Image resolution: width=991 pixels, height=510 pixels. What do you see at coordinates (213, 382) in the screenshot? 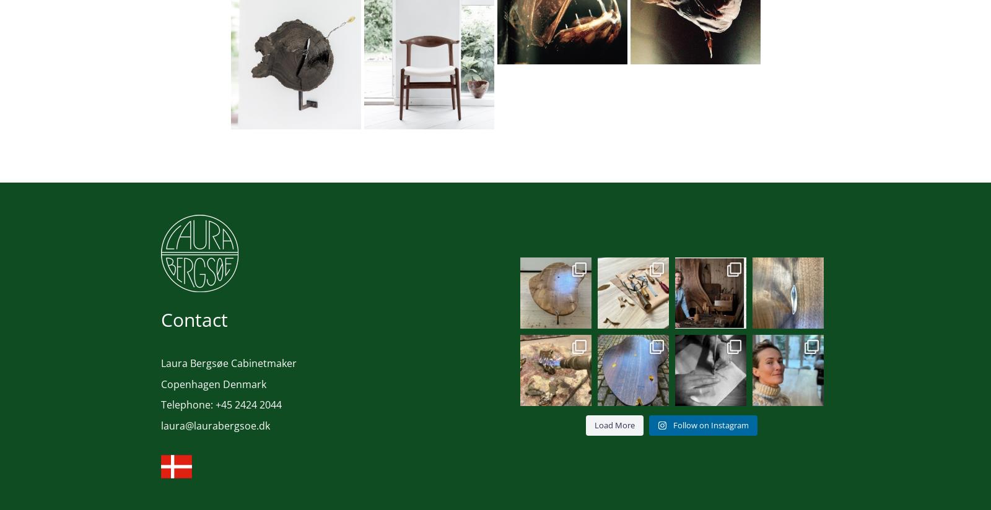
I see `'Copenhagen Denmark'` at bounding box center [213, 382].